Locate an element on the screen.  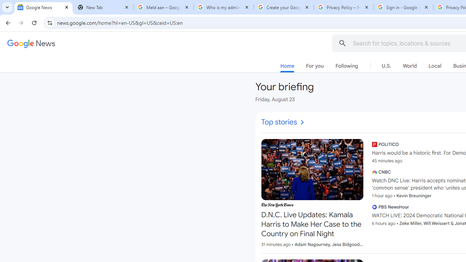
'Who is my administrator? - Google Account Help' is located at coordinates (224, 7).